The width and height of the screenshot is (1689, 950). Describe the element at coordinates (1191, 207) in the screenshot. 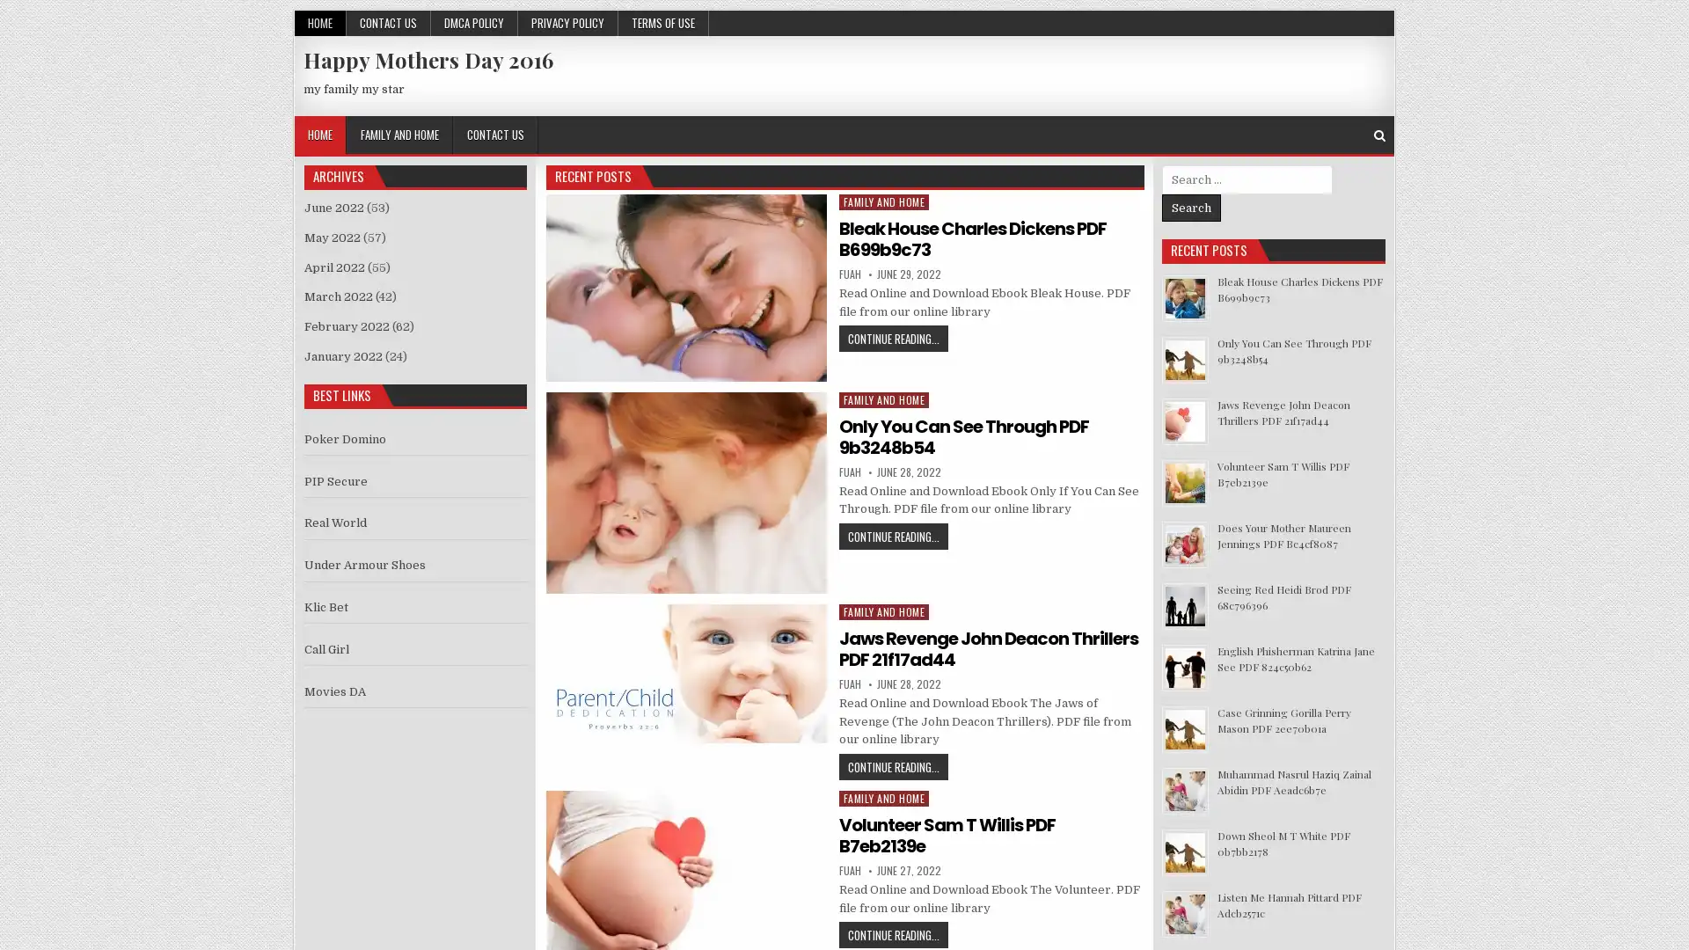

I see `Search` at that location.